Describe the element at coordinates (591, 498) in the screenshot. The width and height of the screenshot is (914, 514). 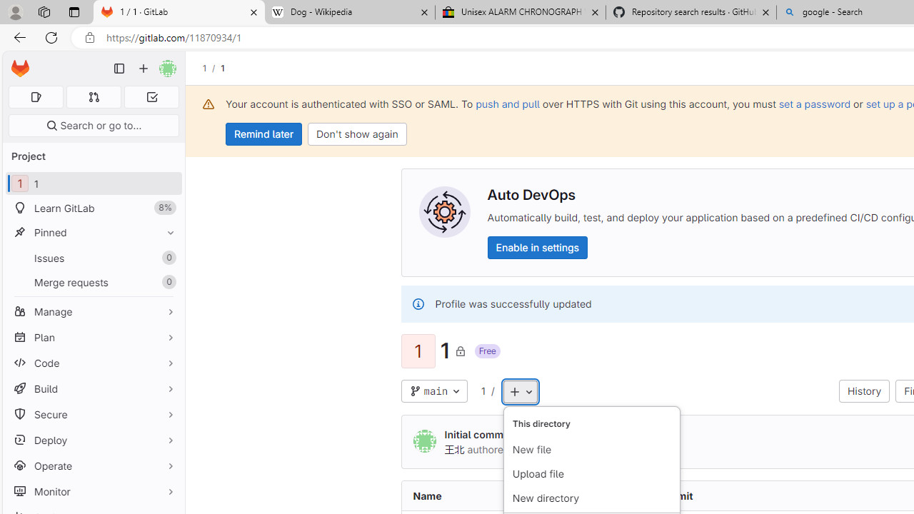
I see `'New directory'` at that location.